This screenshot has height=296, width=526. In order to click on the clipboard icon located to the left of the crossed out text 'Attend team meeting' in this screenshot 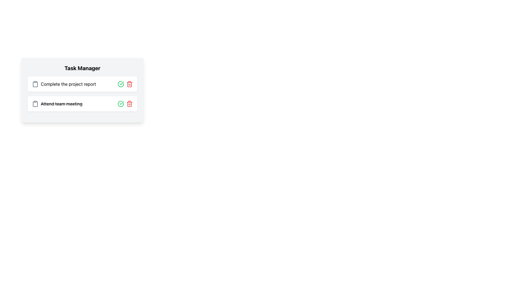, I will do `click(35, 104)`.